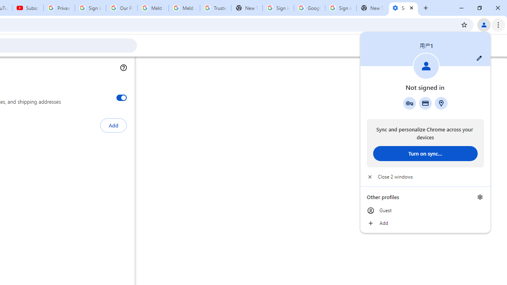 This screenshot has height=285, width=507. I want to click on 'Sign in - Google Accounts', so click(278, 8).